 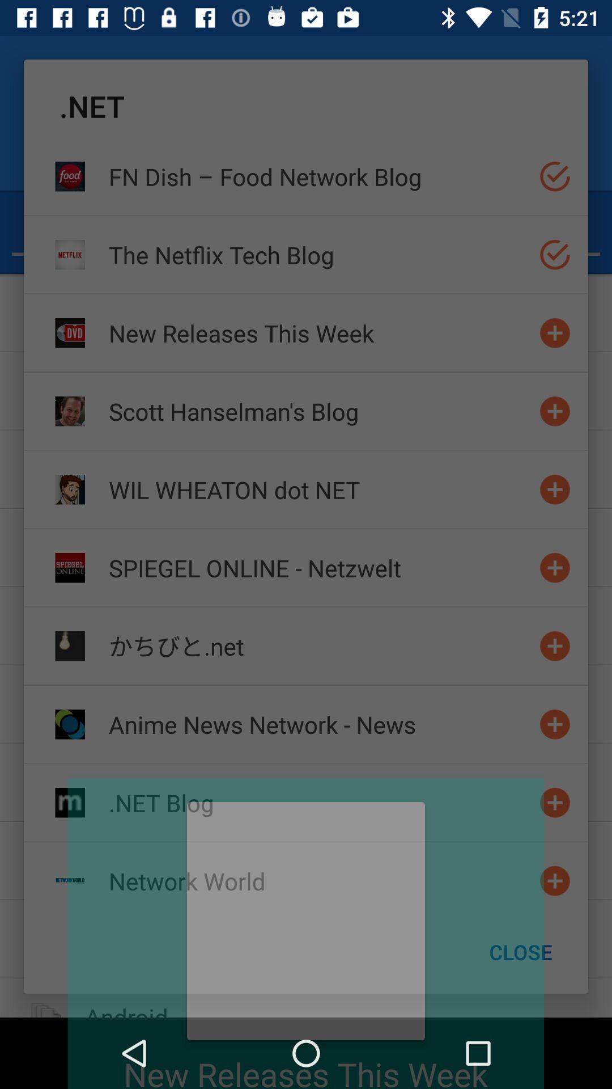 I want to click on a select option, so click(x=554, y=254).